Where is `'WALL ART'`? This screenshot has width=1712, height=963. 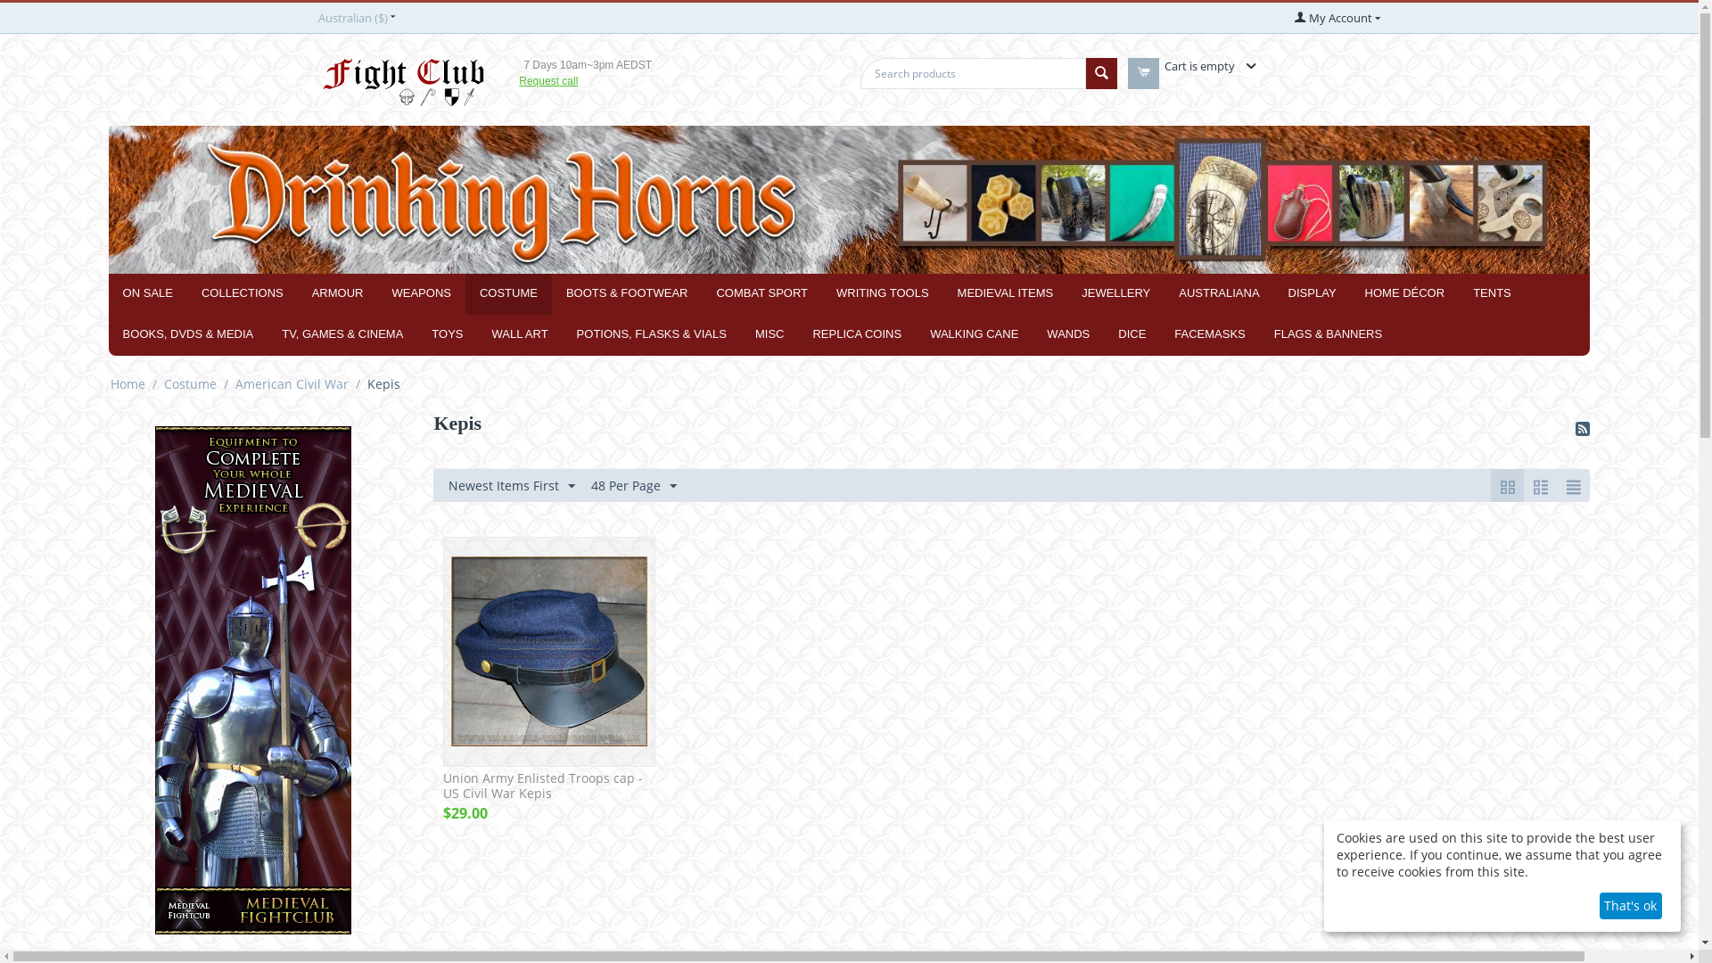 'WALL ART' is located at coordinates (518, 334).